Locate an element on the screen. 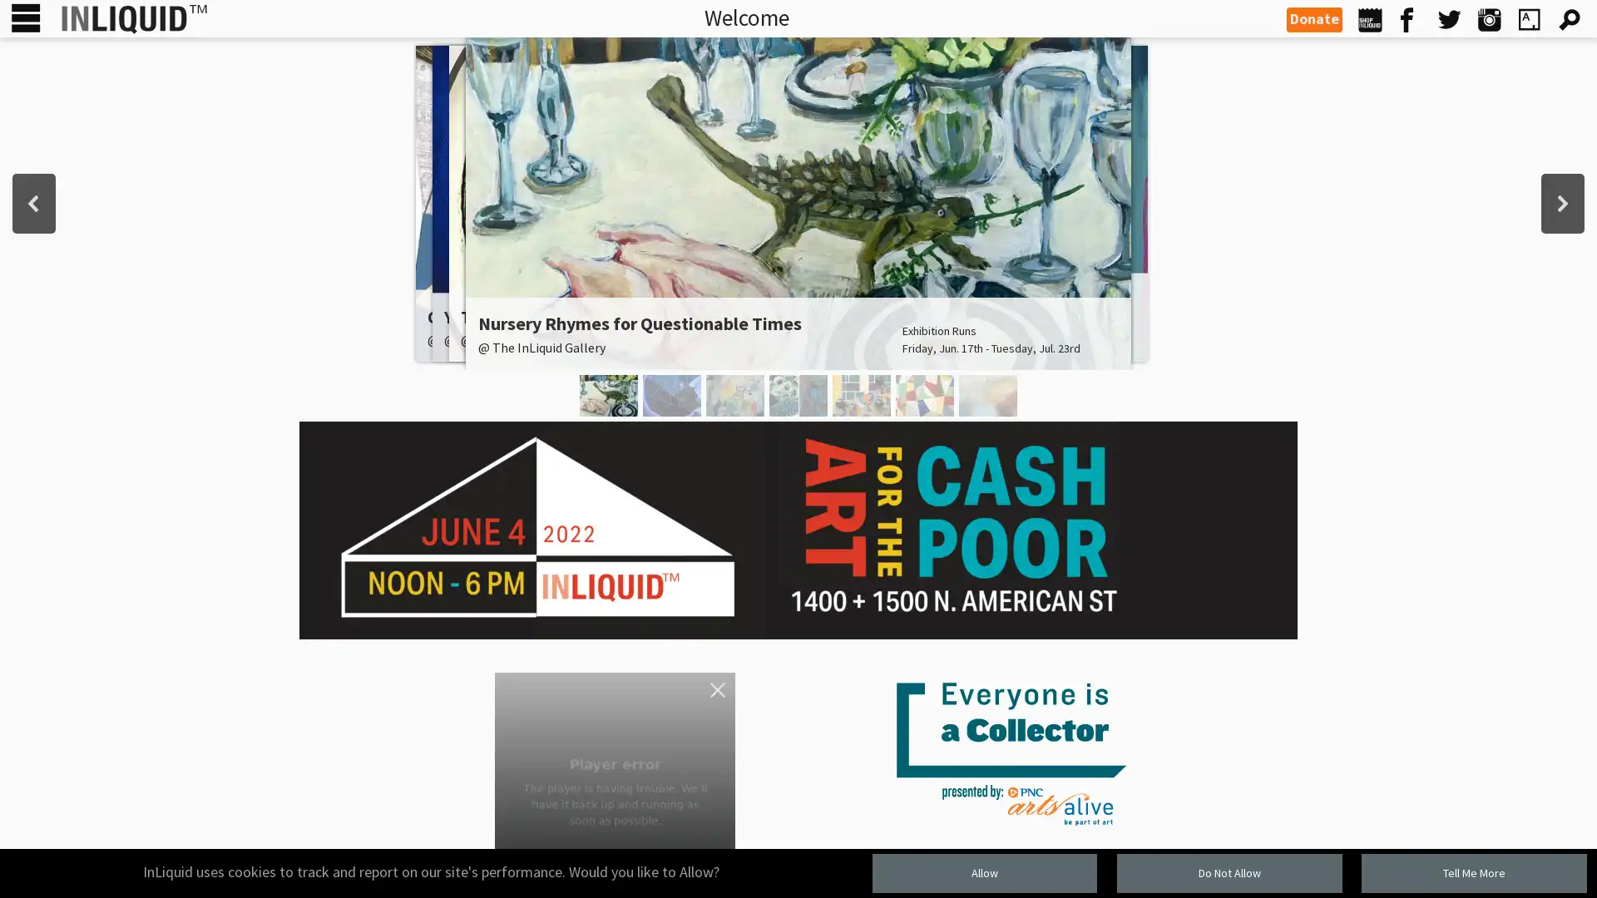 The width and height of the screenshot is (1597, 898). previous arrow is located at coordinates (34, 203).